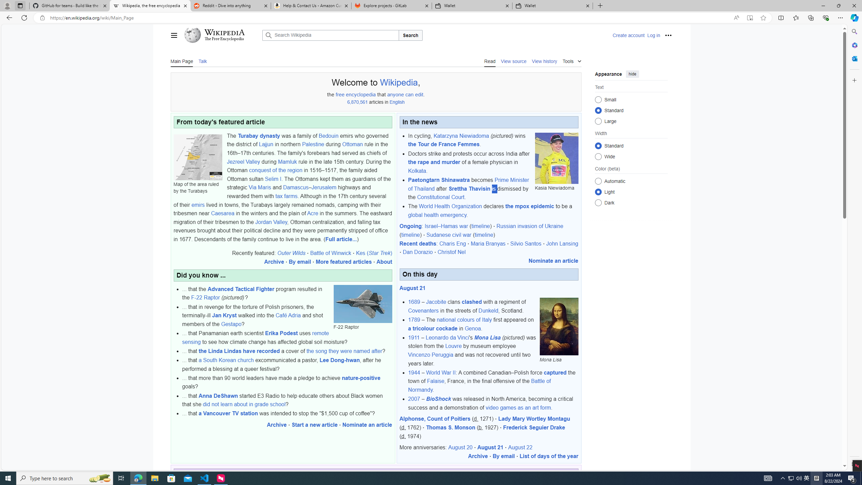  Describe the element at coordinates (384, 262) in the screenshot. I see `'About'` at that location.